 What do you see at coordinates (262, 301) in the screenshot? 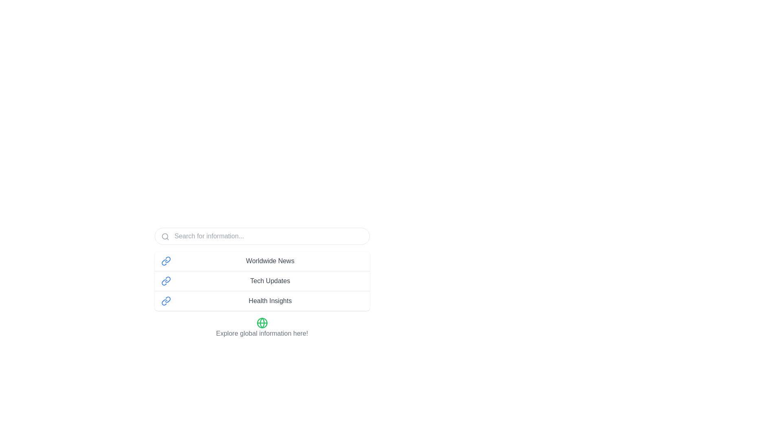
I see `the 'Health Insights' clickable text link with an icon located as the third item in the vertical menu list` at bounding box center [262, 301].